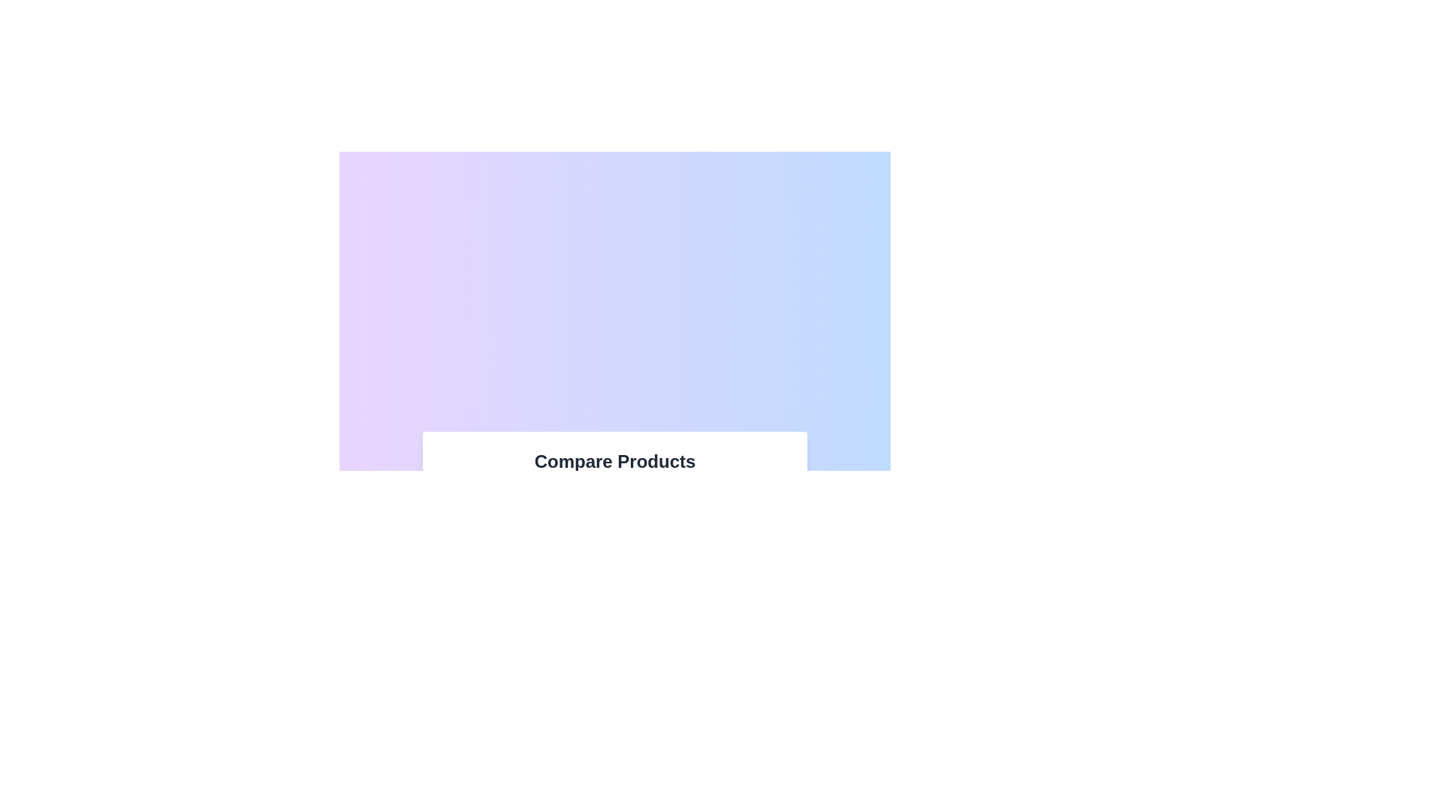  I want to click on the text label element displaying 'Compare Products', which is styled with a large bold font and dark gray color, located at the top-center of its section, so click(615, 460).